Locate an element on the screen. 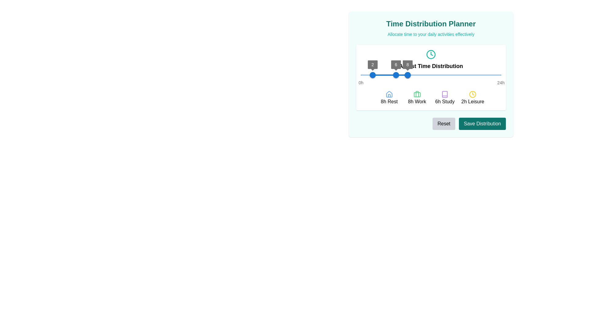 The width and height of the screenshot is (589, 331). the first labeled icon representing 'Rest' in the time distribution interface to interact with its associated functions is located at coordinates (389, 98).